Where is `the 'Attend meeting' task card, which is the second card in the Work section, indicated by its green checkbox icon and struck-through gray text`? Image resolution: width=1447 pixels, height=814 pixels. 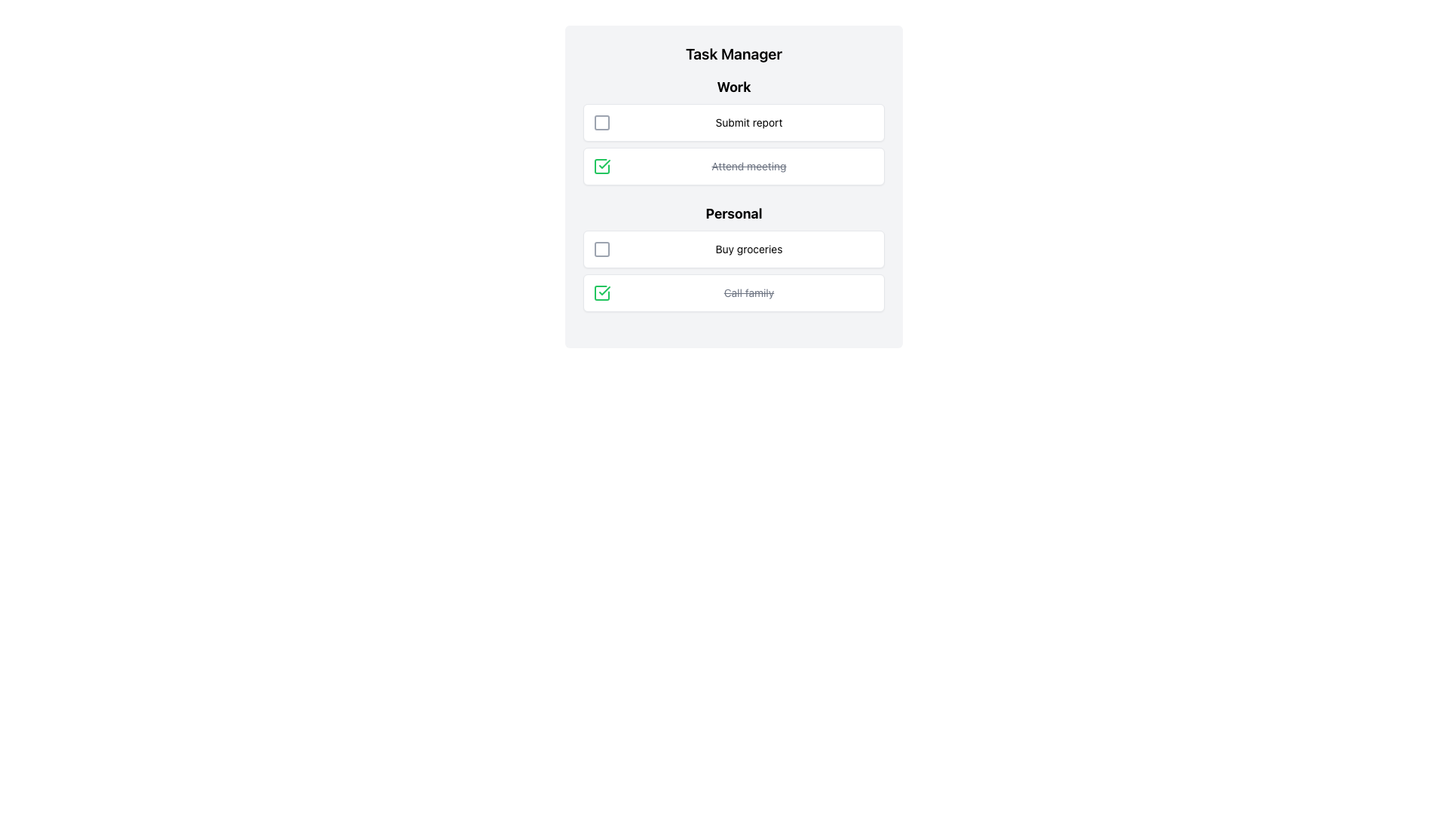
the 'Attend meeting' task card, which is the second card in the Work section, indicated by its green checkbox icon and struck-through gray text is located at coordinates (734, 166).